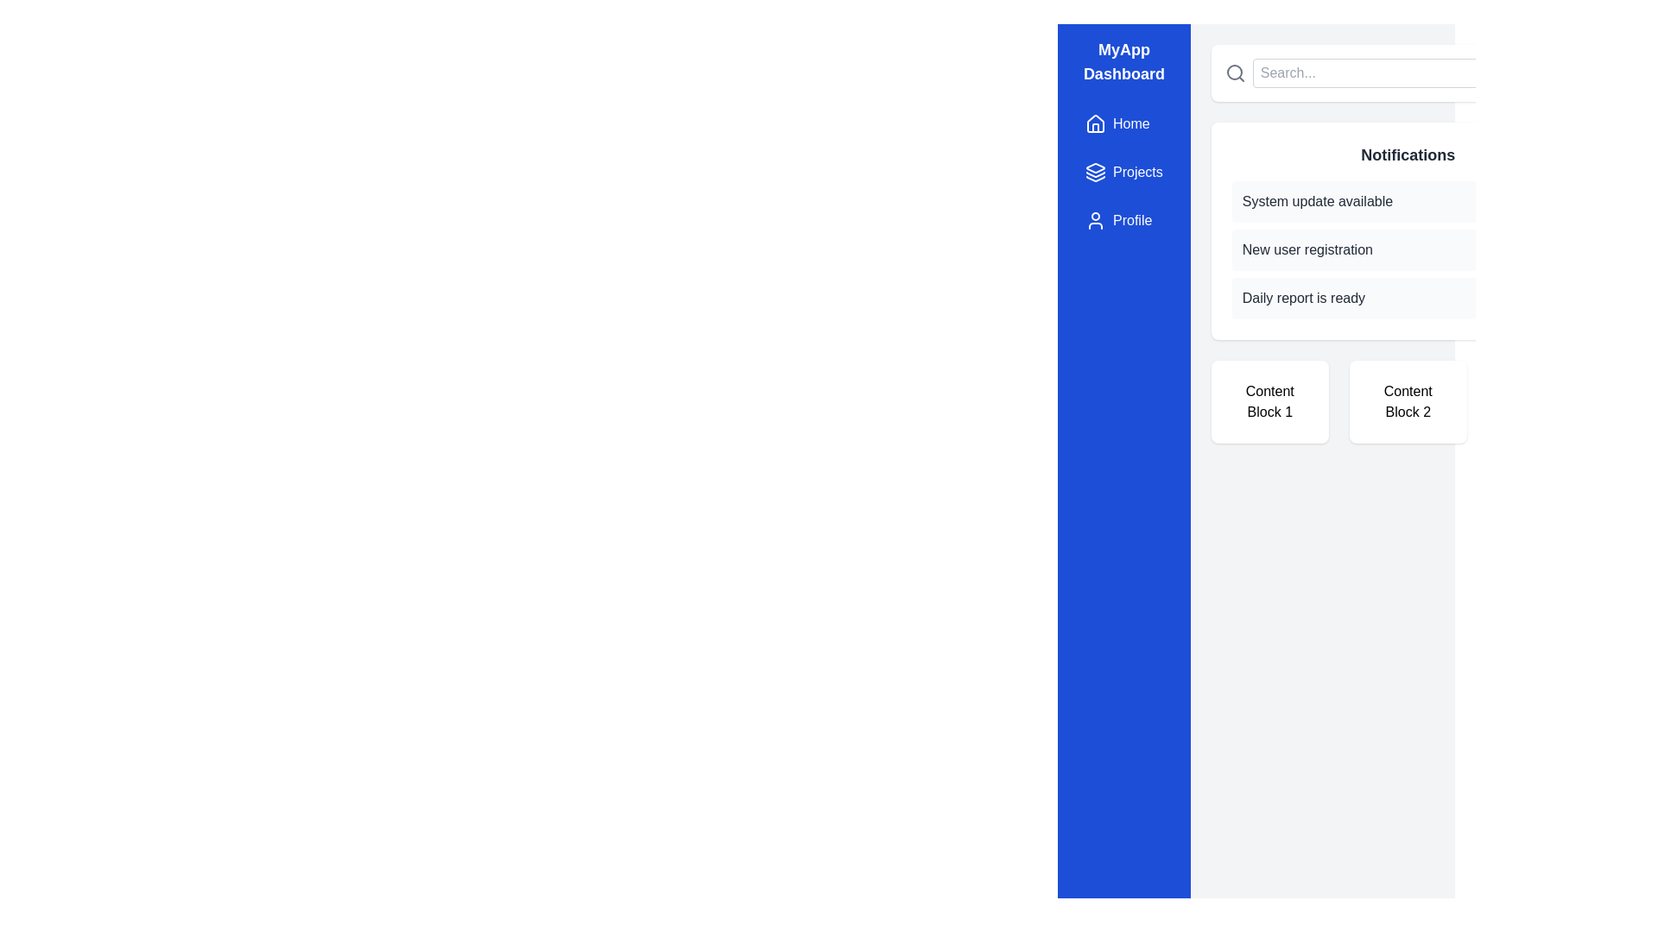  I want to click on the search icon located in the top-right section of the interface, represented by an SVG element with a magnifying glass design, so click(1233, 72).